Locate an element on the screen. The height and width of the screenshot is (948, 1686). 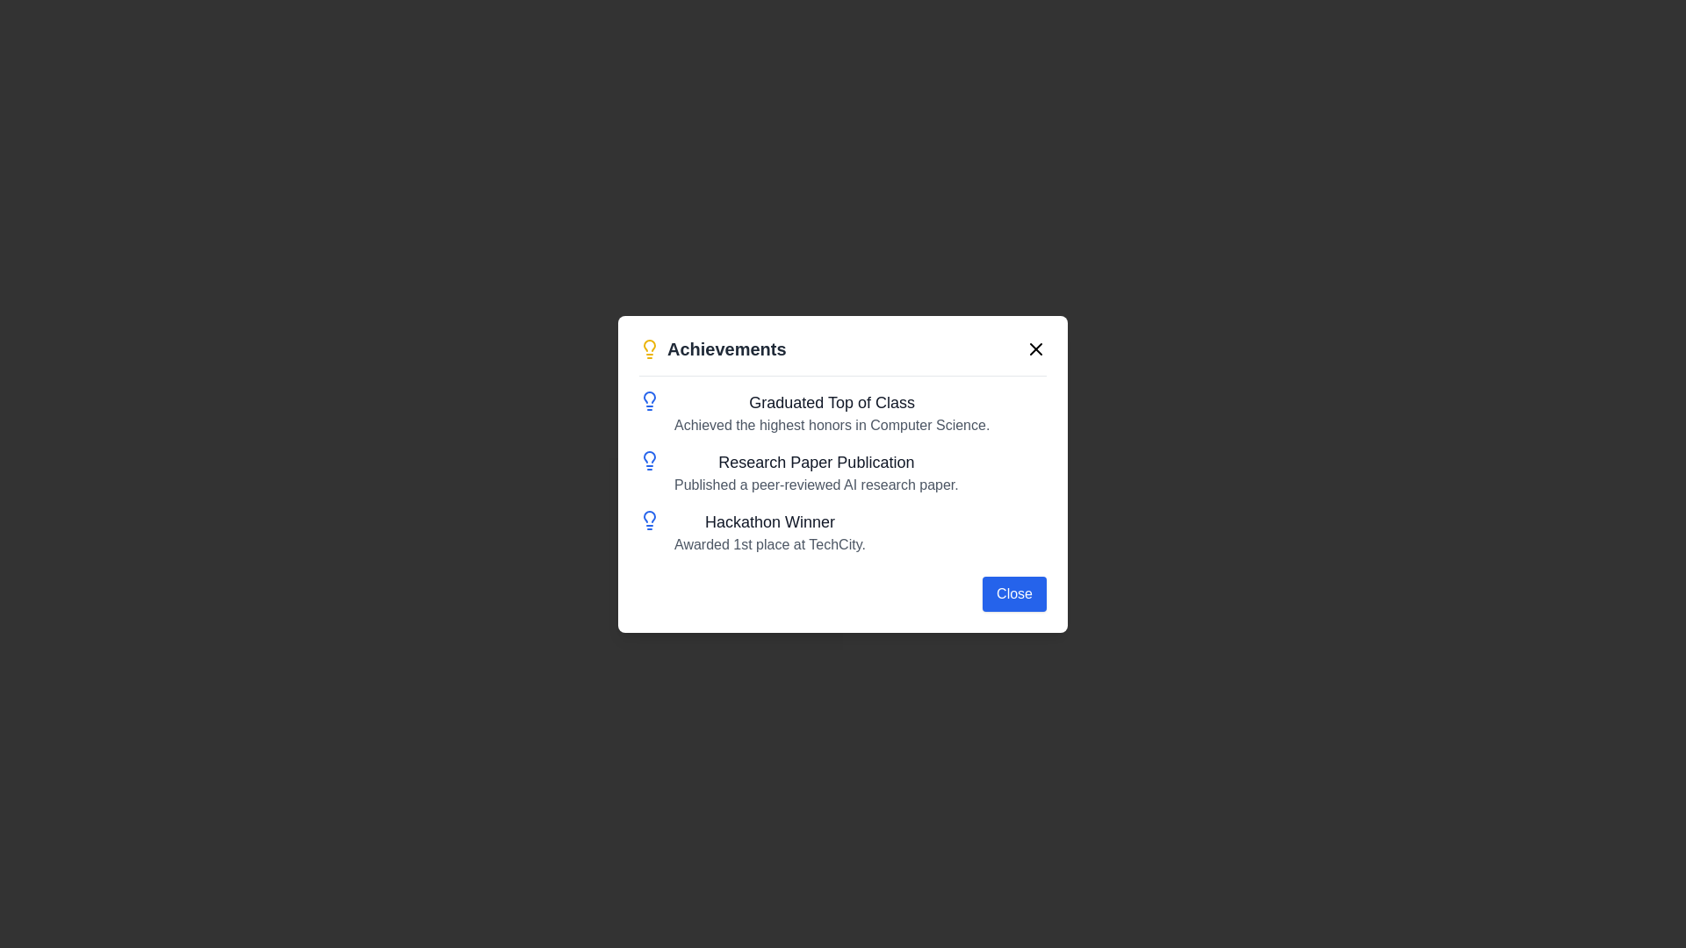
the Text Label that describes the achievement of publishing a research paper, positioned below 'Graduated Top of Class' and above 'Hackathon Winner' in the vertical list within the modal window is located at coordinates (815, 461).